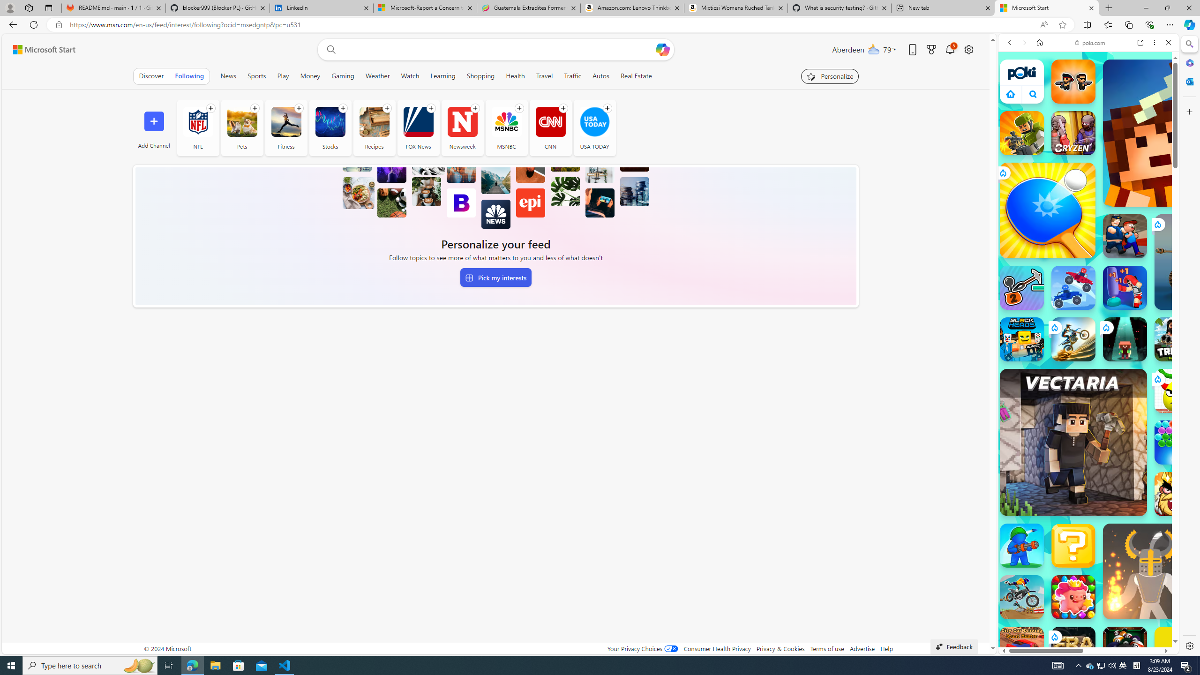  I want to click on 'Ping Pong Go! Ping Pong Go!', so click(1047, 210).